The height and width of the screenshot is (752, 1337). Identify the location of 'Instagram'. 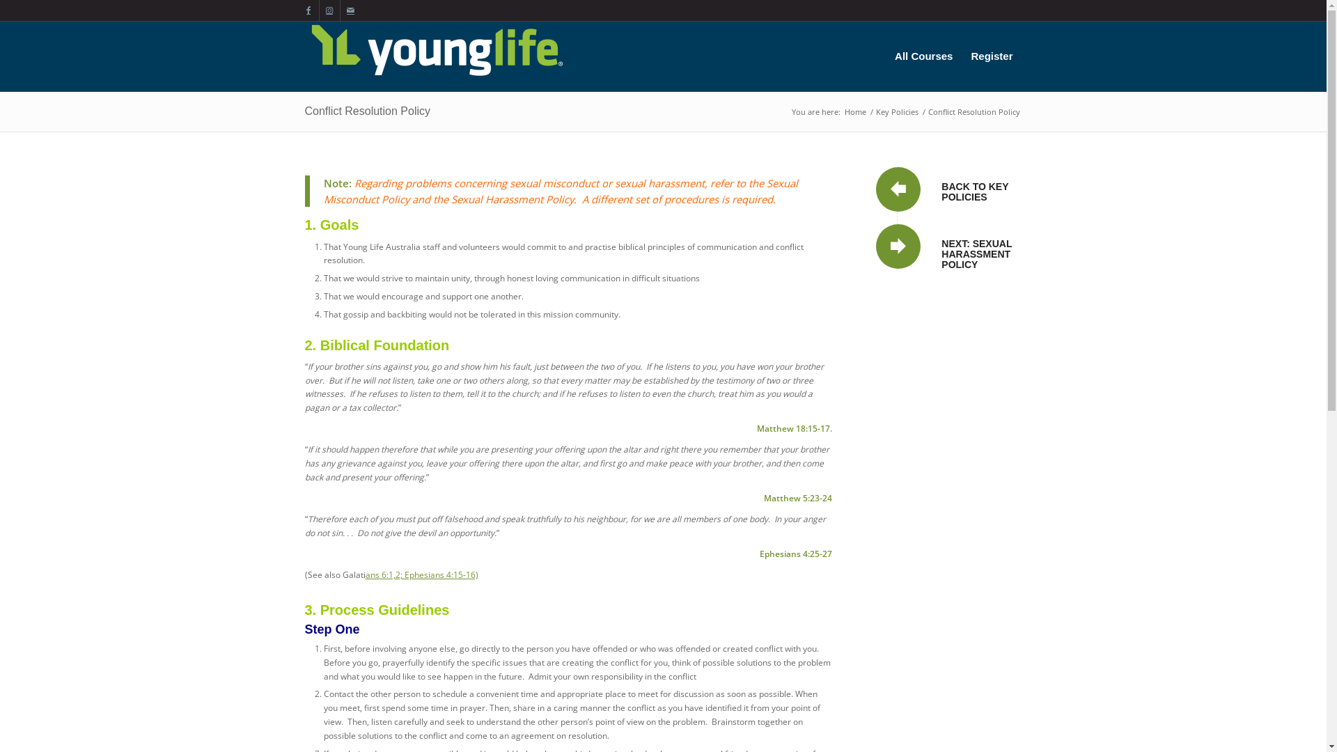
(328, 10).